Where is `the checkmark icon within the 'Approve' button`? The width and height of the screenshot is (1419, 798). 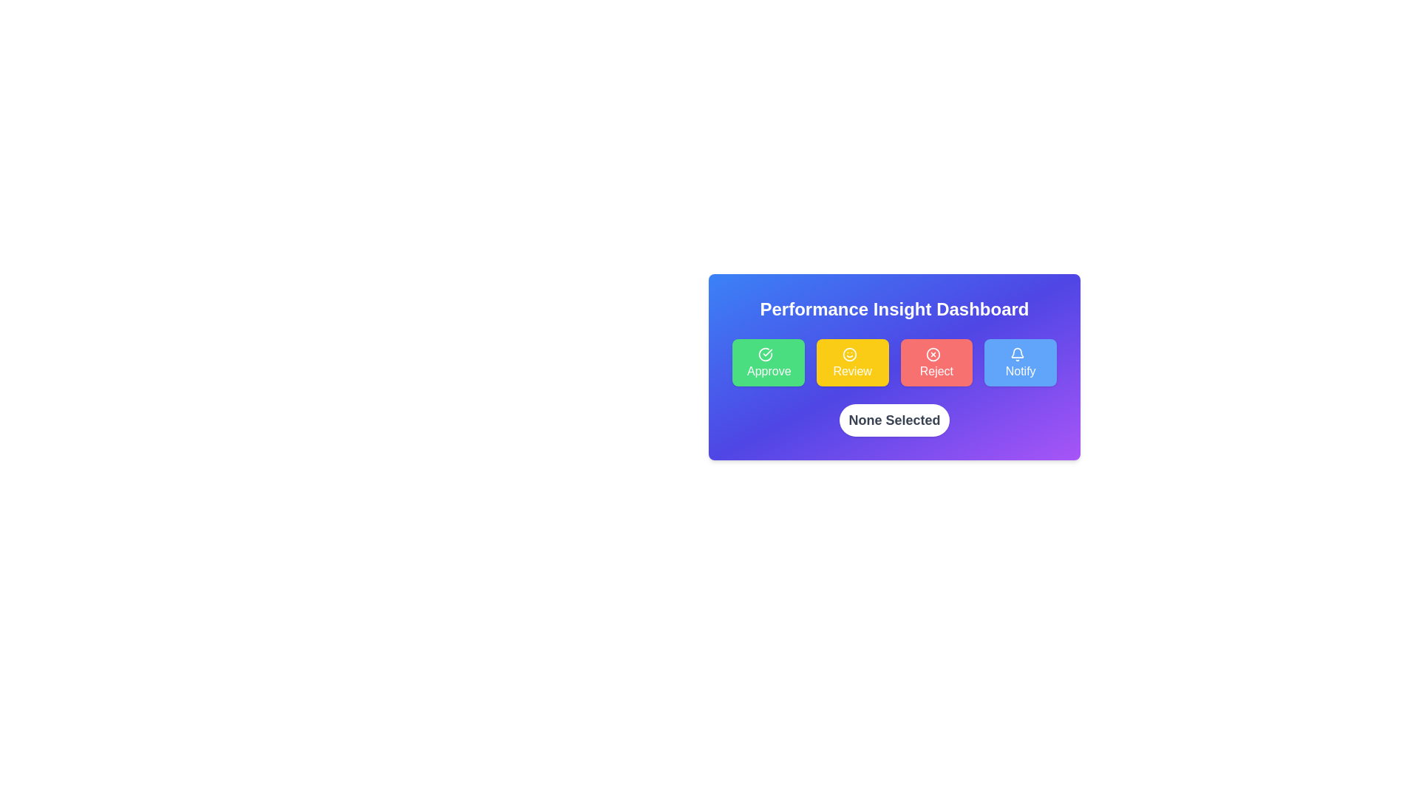 the checkmark icon within the 'Approve' button is located at coordinates (765, 354).